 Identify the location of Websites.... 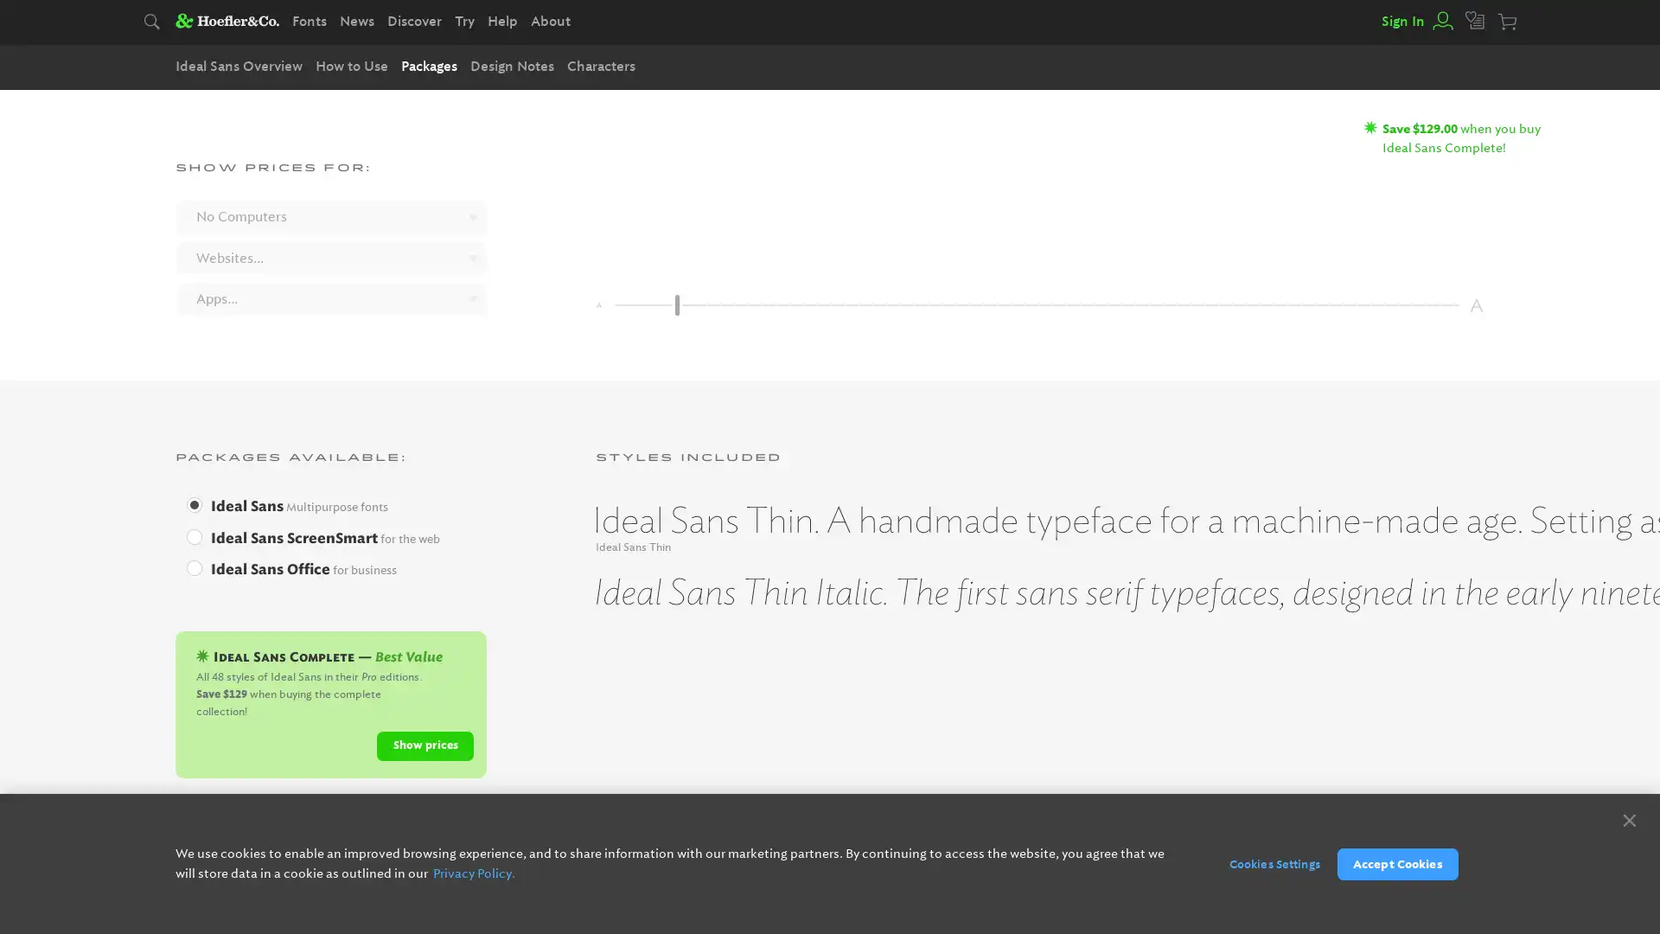
(331, 259).